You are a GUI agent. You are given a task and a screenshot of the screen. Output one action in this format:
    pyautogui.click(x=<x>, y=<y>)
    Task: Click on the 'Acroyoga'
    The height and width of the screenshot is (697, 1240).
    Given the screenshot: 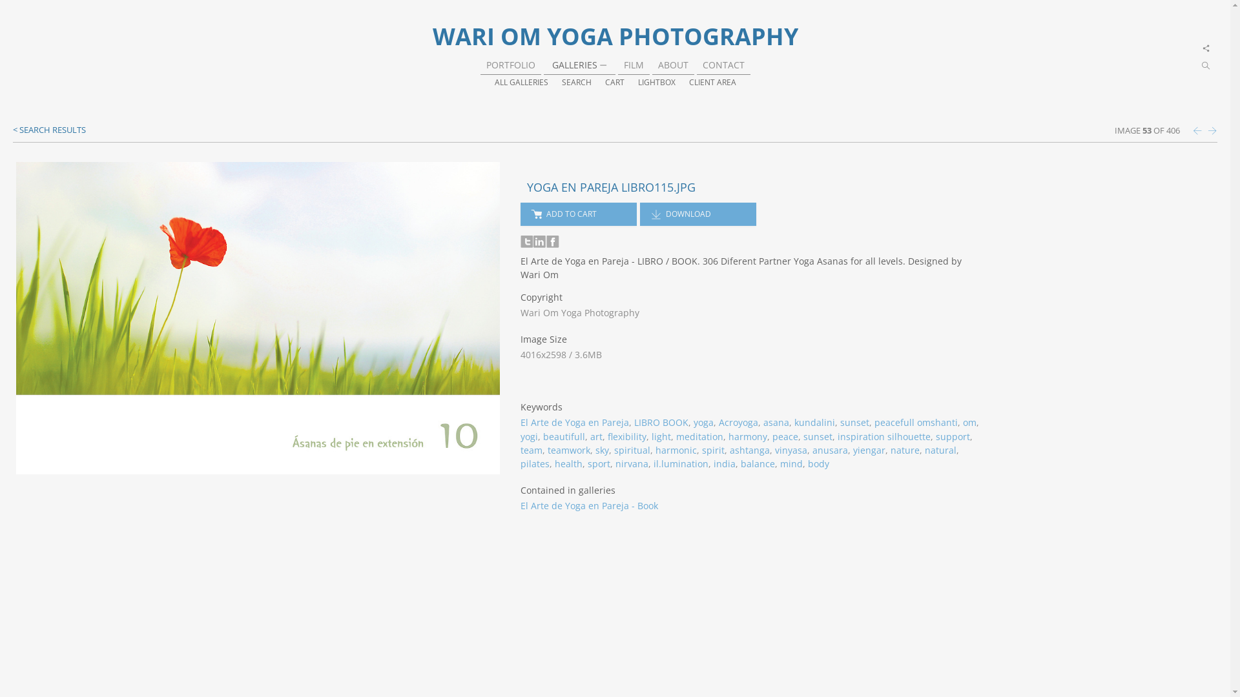 What is the action you would take?
    pyautogui.click(x=738, y=422)
    